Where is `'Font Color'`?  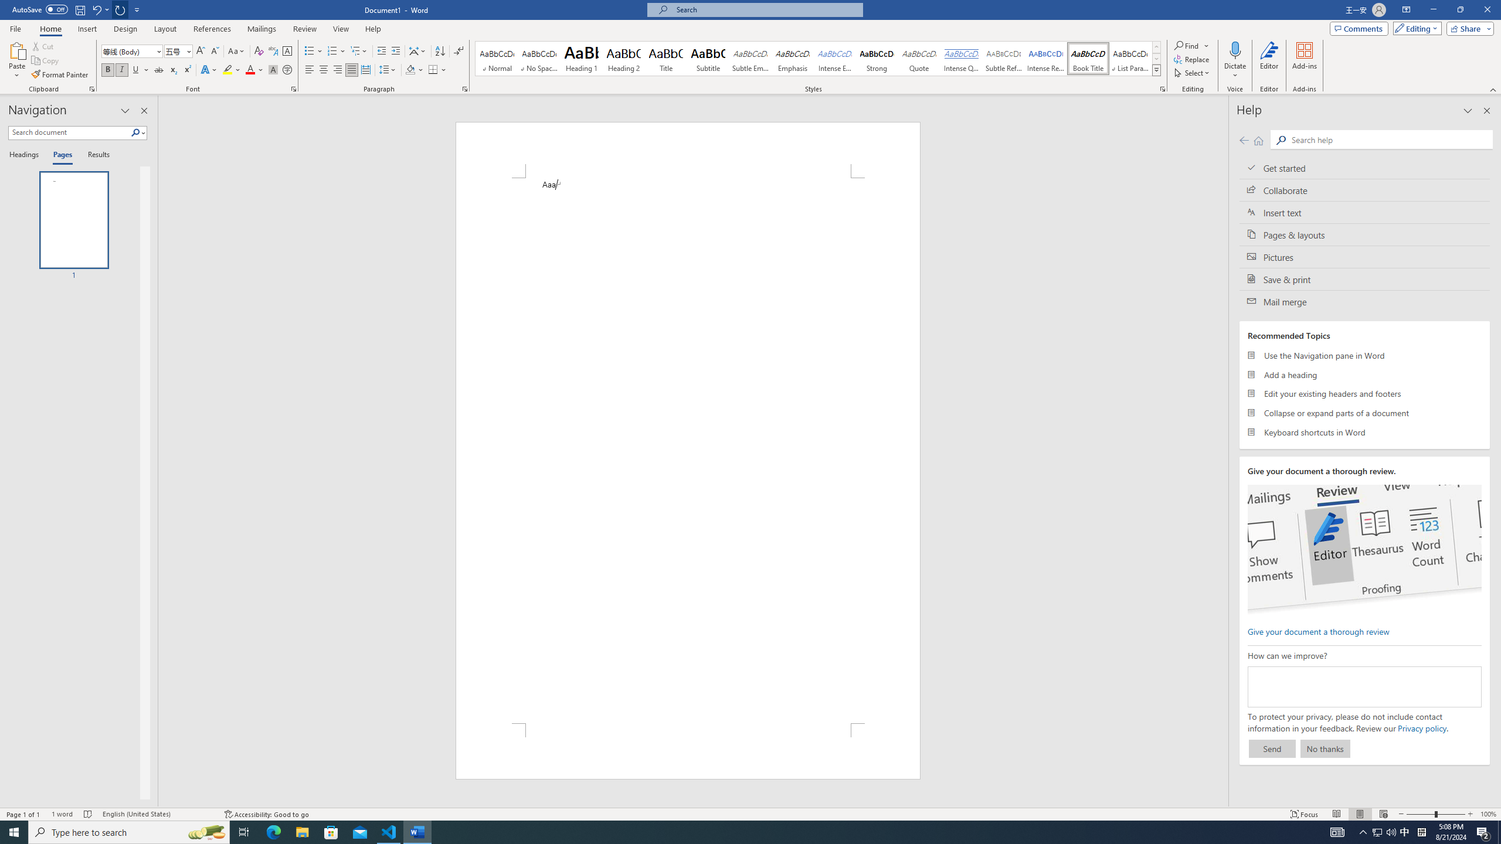
'Font Color' is located at coordinates (253, 69).